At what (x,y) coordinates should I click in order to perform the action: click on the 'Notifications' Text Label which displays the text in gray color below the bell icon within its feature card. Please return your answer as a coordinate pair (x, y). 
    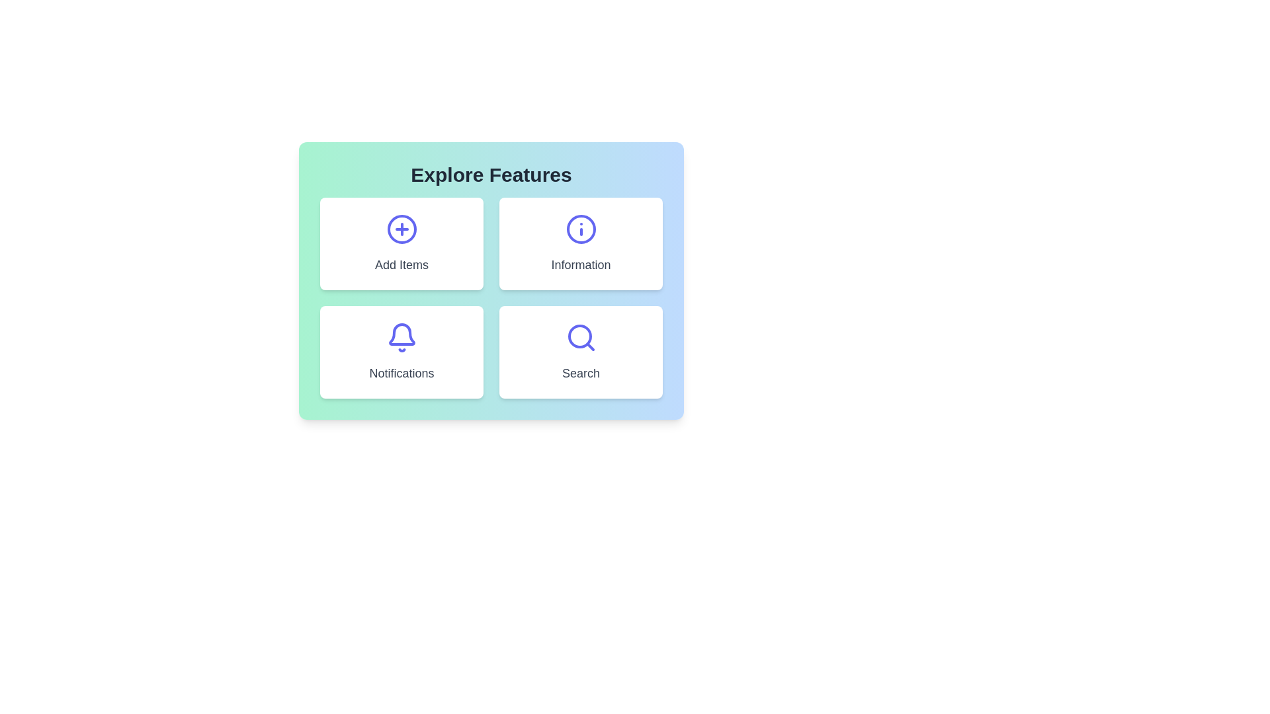
    Looking at the image, I should click on (401, 373).